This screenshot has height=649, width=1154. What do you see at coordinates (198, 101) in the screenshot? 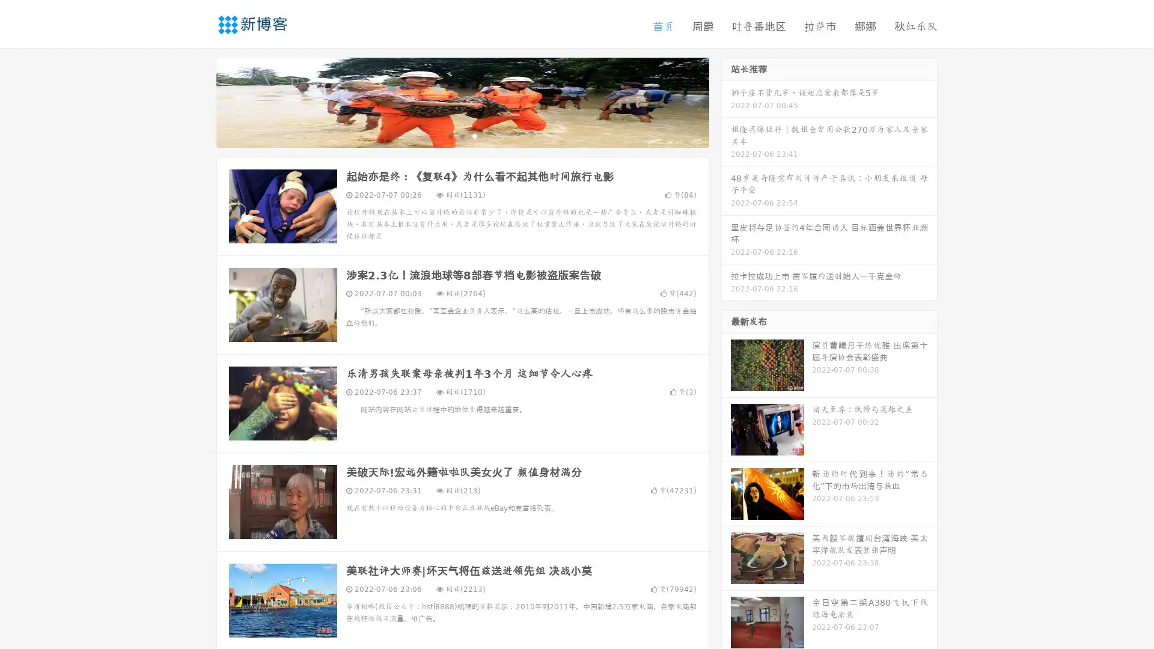
I see `Previous slide` at bounding box center [198, 101].